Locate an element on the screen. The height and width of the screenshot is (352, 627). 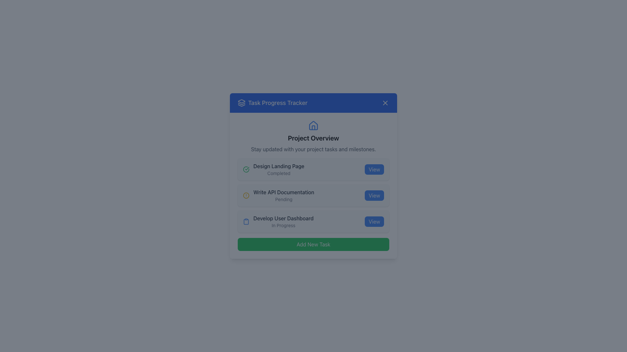
the decorative SVG icon located in the header section of the modal box, positioned to the left of the text 'Task Progress Tracker' is located at coordinates (241, 103).